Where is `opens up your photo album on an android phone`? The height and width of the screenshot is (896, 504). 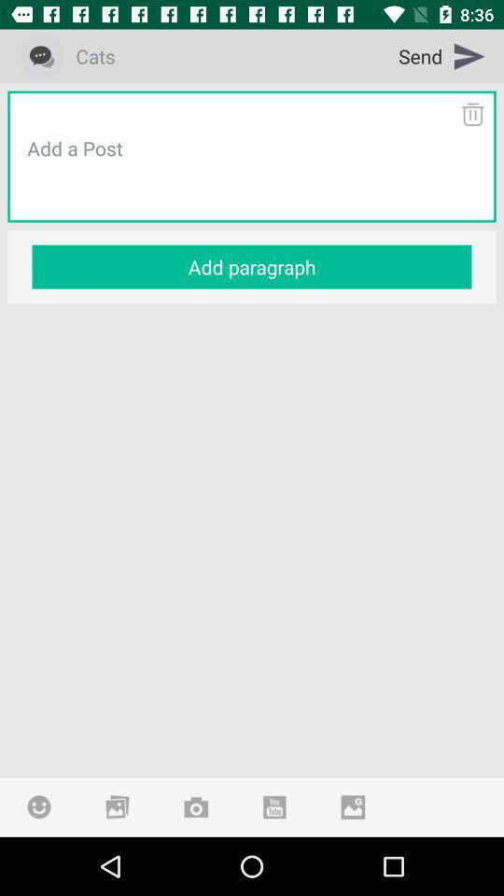
opens up your photo album on an android phone is located at coordinates (117, 805).